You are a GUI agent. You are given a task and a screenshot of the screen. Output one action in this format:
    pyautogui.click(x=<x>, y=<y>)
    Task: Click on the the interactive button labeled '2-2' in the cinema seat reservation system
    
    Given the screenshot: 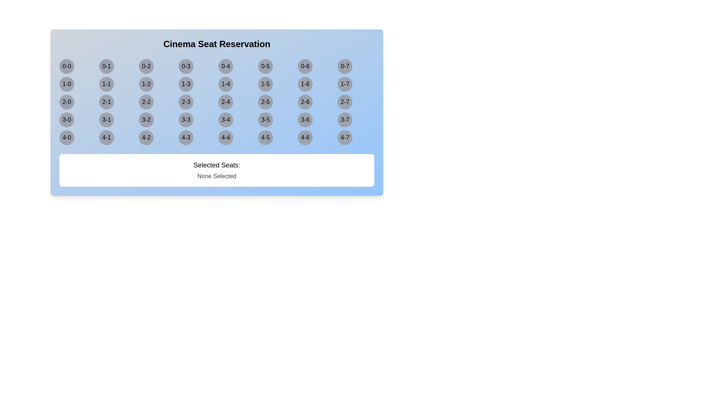 What is the action you would take?
    pyautogui.click(x=146, y=102)
    